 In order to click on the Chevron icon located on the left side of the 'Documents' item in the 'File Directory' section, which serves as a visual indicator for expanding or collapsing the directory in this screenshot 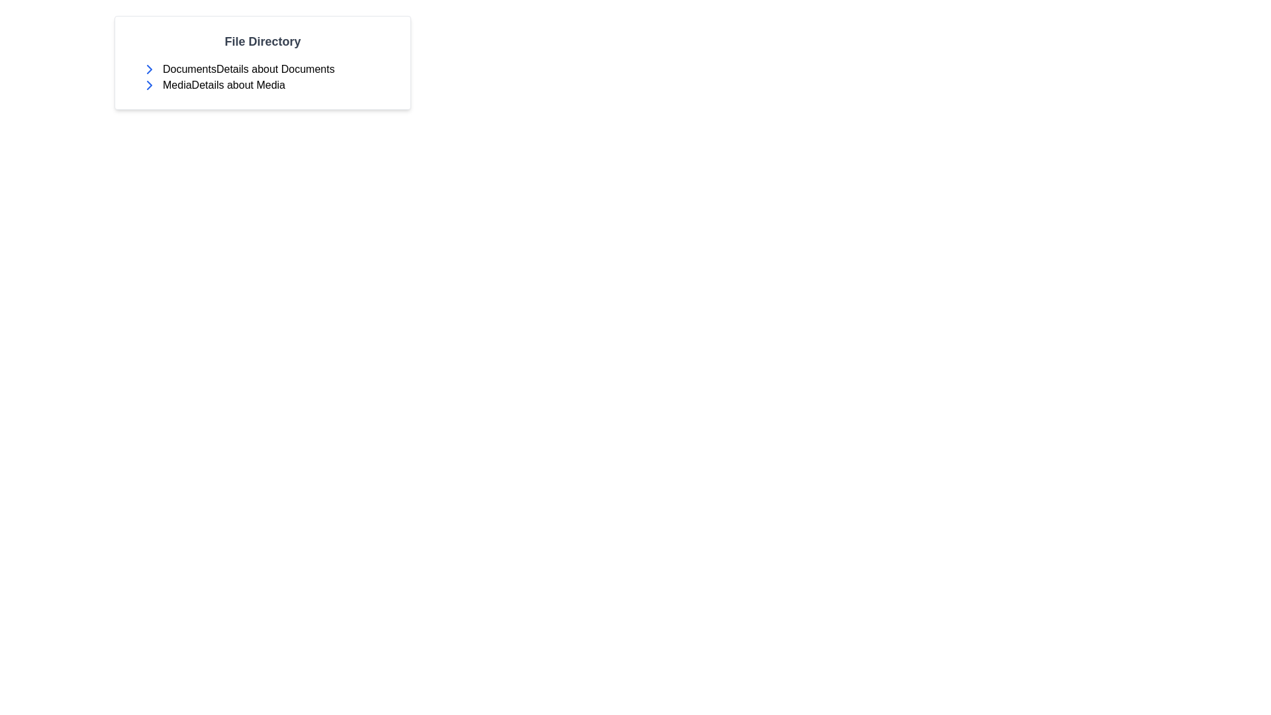, I will do `click(149, 69)`.